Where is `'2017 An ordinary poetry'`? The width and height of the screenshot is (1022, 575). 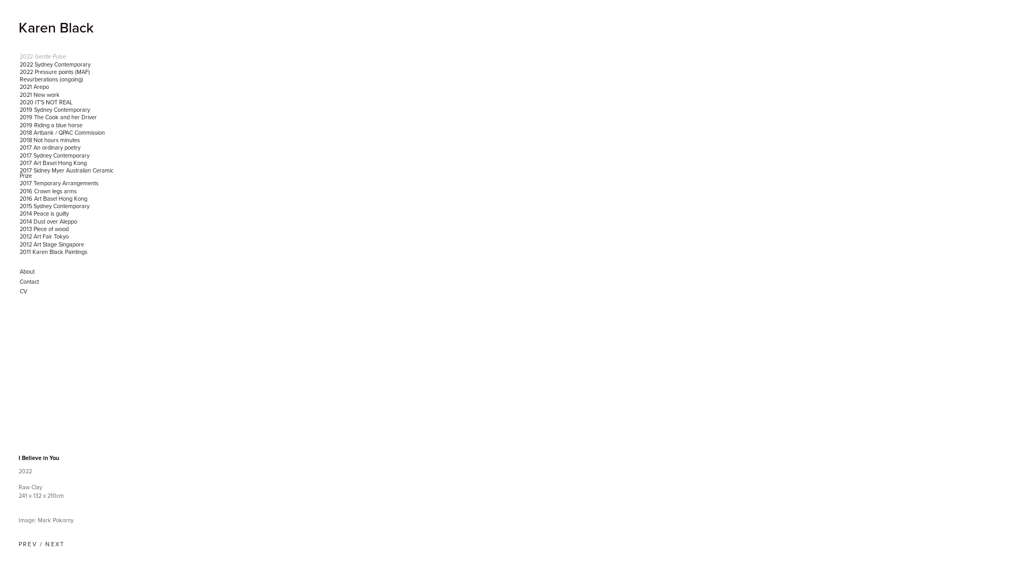
'2017 An ordinary poetry' is located at coordinates (68, 147).